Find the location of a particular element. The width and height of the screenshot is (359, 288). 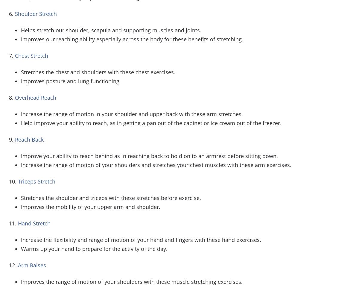

'Increase the flexibility and range of motion of your hand and fingers with these hand exercises.' is located at coordinates (141, 239).